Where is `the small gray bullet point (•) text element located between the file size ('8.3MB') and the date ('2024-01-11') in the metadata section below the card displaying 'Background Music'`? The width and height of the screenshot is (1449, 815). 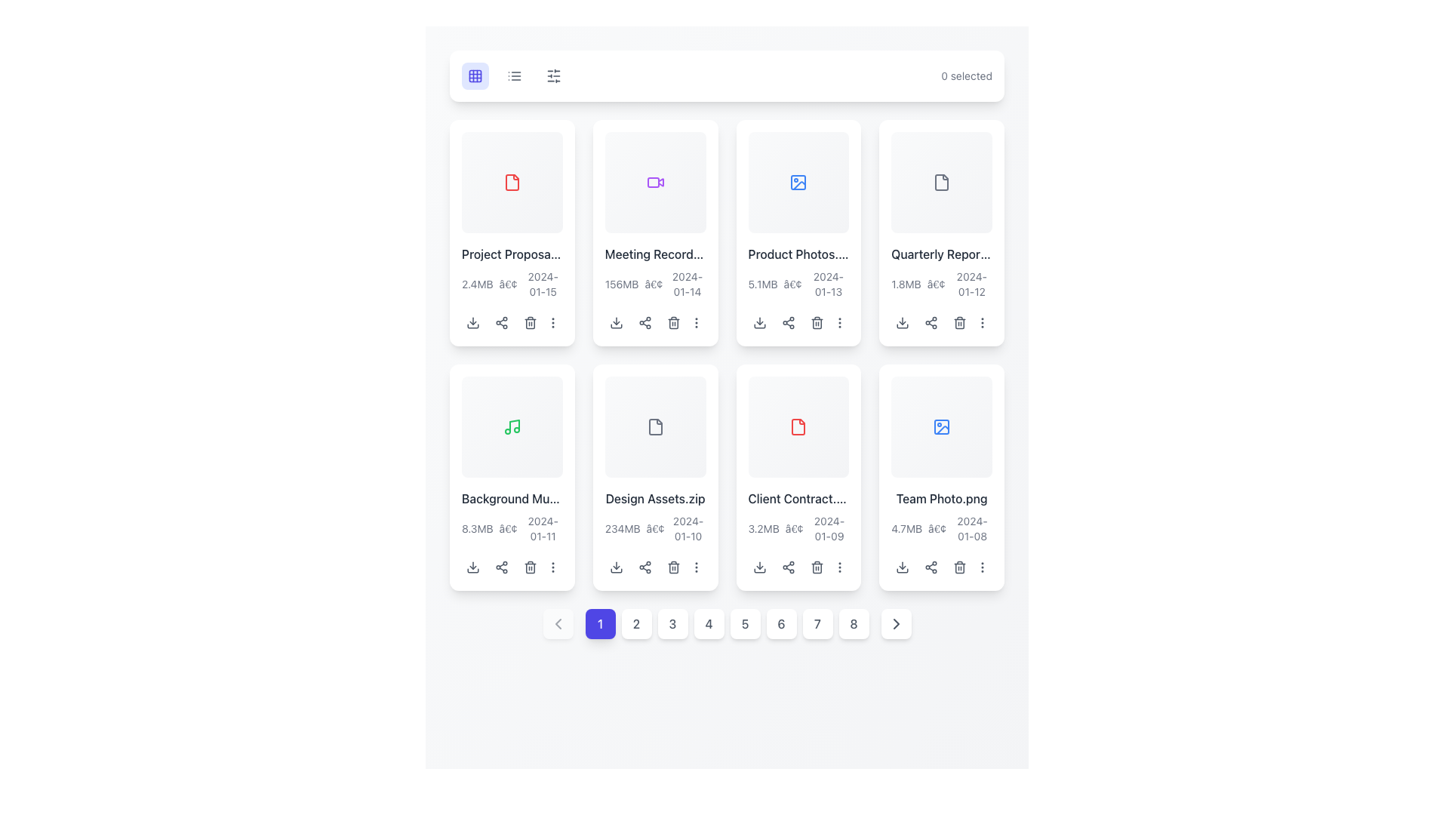 the small gray bullet point (•) text element located between the file size ('8.3MB') and the date ('2024-01-11') in the metadata section below the card displaying 'Background Music' is located at coordinates (508, 527).